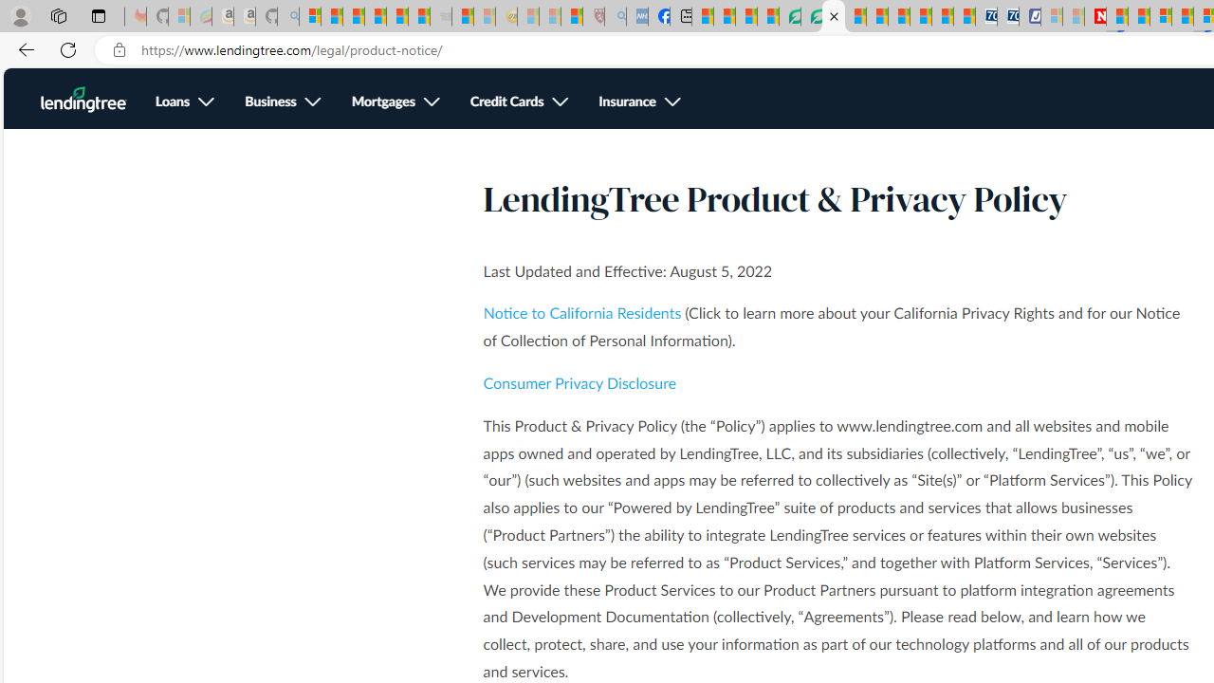 The width and height of the screenshot is (1214, 683). Describe the element at coordinates (395, 102) in the screenshot. I see `'Mortgages, see more'` at that location.